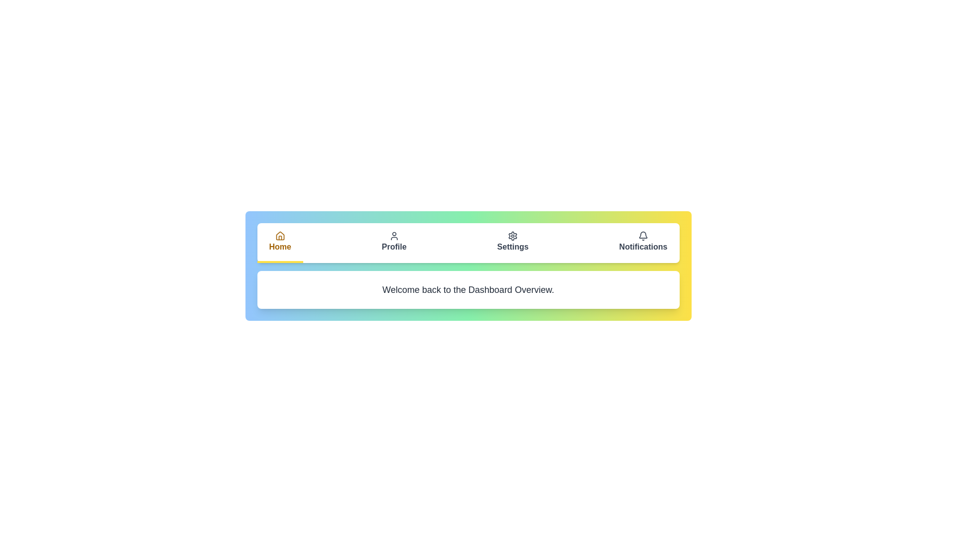  I want to click on the 'Notifications' button which features a notification bell icon and is the fourth item in the navigation bar, located at the top-right corner of the interface, so click(643, 243).